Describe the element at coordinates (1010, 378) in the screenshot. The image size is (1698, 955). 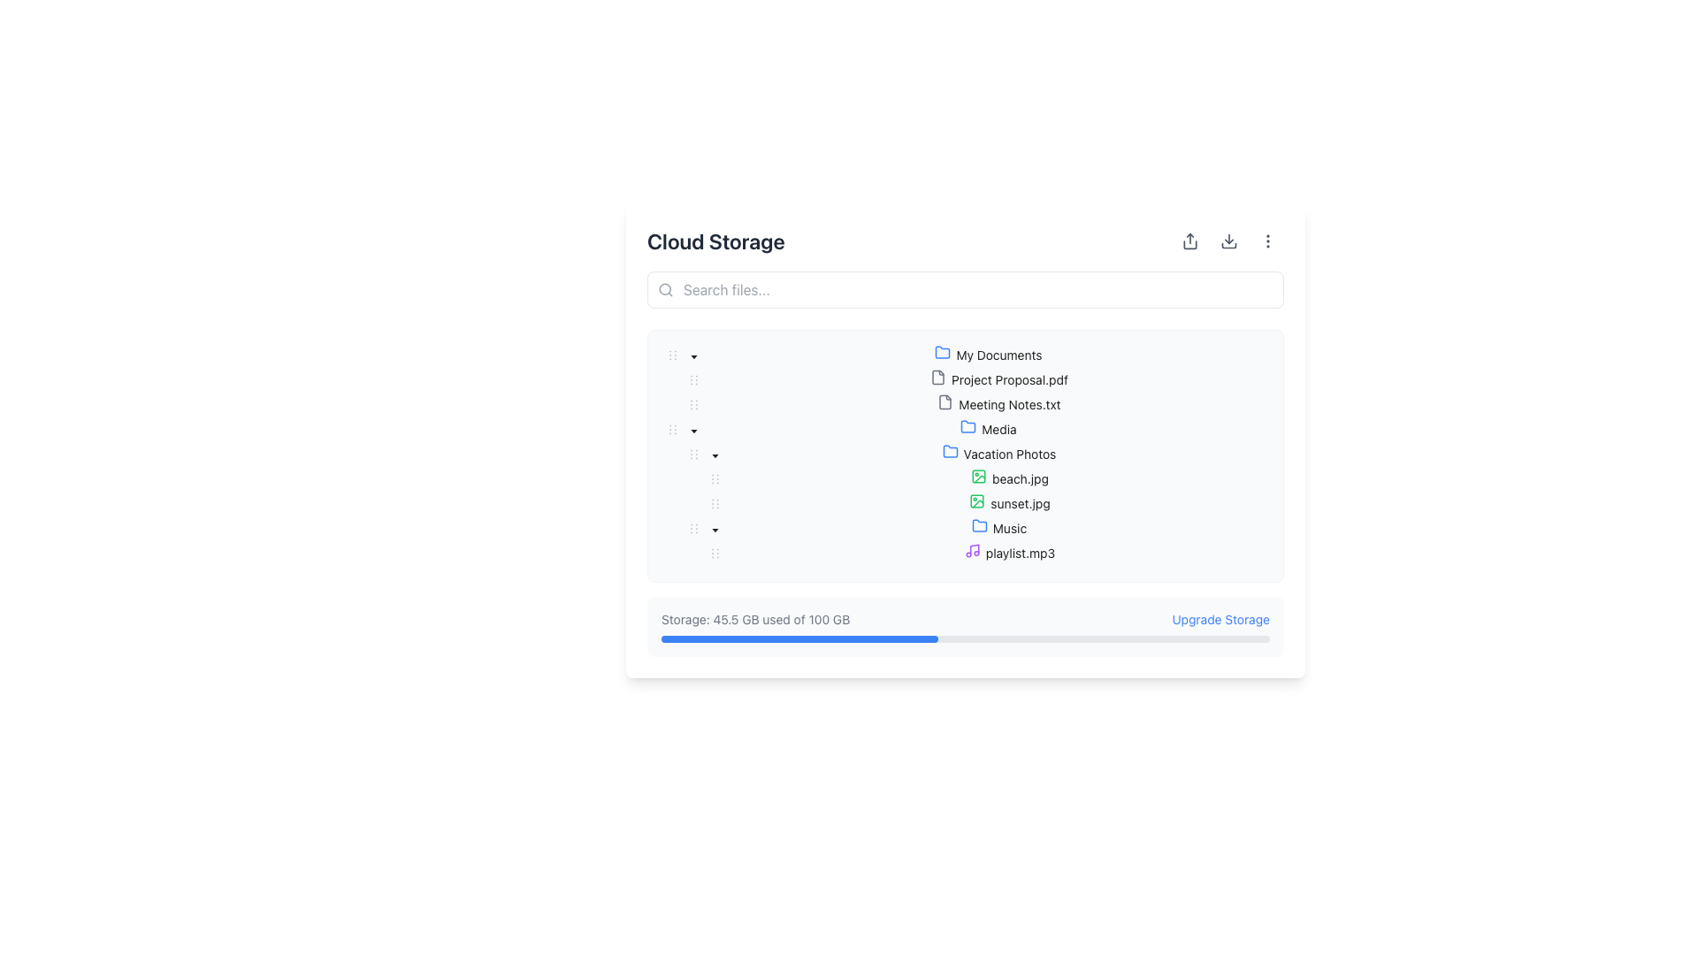
I see `the text element displaying 'Project Proposal.pdf' in the file tree structure under 'My Documents'` at that location.